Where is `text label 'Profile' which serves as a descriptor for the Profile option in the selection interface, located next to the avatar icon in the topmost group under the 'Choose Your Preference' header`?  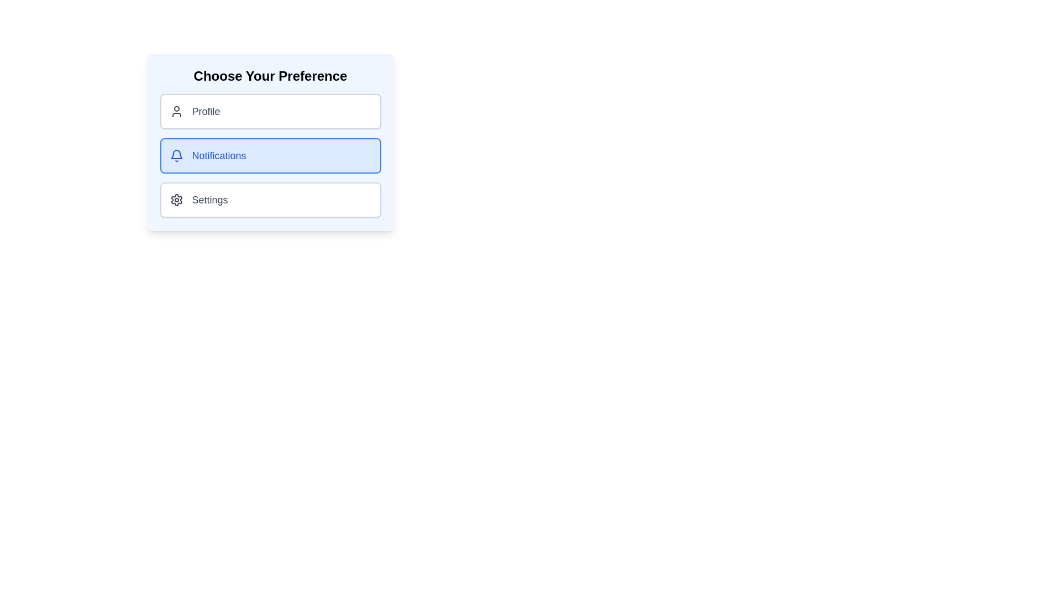
text label 'Profile' which serves as a descriptor for the Profile option in the selection interface, located next to the avatar icon in the topmost group under the 'Choose Your Preference' header is located at coordinates (206, 111).